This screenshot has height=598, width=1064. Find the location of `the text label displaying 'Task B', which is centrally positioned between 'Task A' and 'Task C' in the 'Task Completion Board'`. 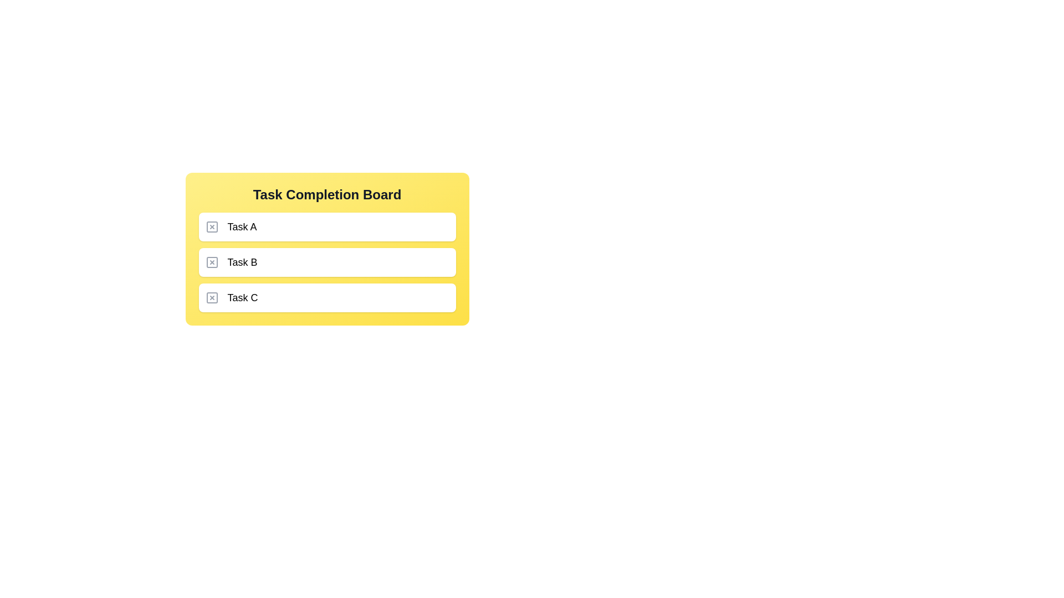

the text label displaying 'Task B', which is centrally positioned between 'Task A' and 'Task C' in the 'Task Completion Board' is located at coordinates (242, 262).